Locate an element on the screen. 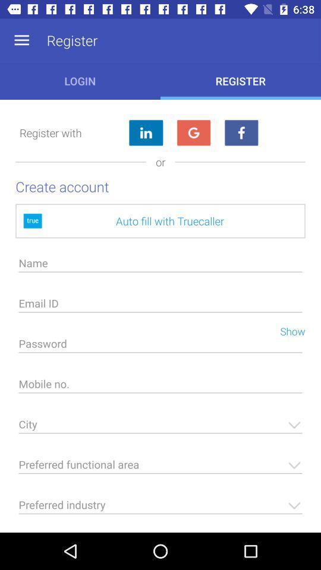 This screenshot has height=570, width=321. the item next to register with is located at coordinates (146, 133).